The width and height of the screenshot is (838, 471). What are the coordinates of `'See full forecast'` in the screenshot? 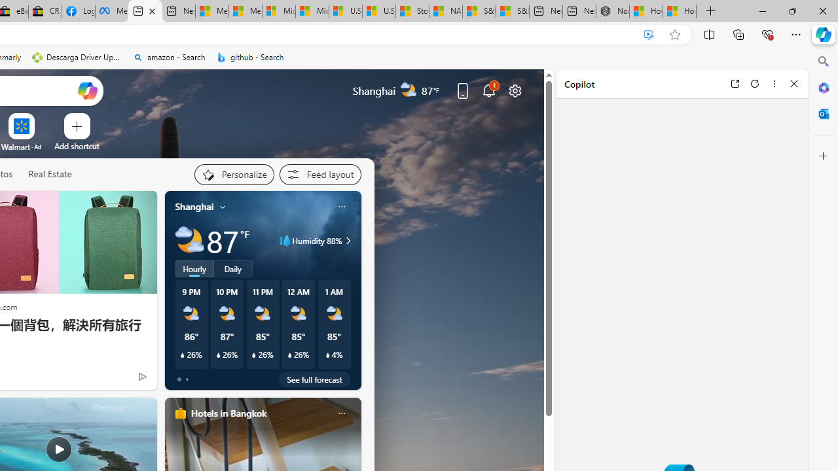 It's located at (314, 379).